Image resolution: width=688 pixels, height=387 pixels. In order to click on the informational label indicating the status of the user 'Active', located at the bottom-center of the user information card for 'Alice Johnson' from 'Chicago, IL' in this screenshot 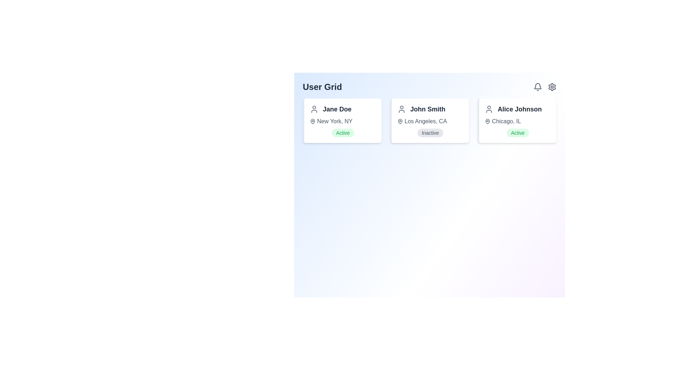, I will do `click(517, 133)`.